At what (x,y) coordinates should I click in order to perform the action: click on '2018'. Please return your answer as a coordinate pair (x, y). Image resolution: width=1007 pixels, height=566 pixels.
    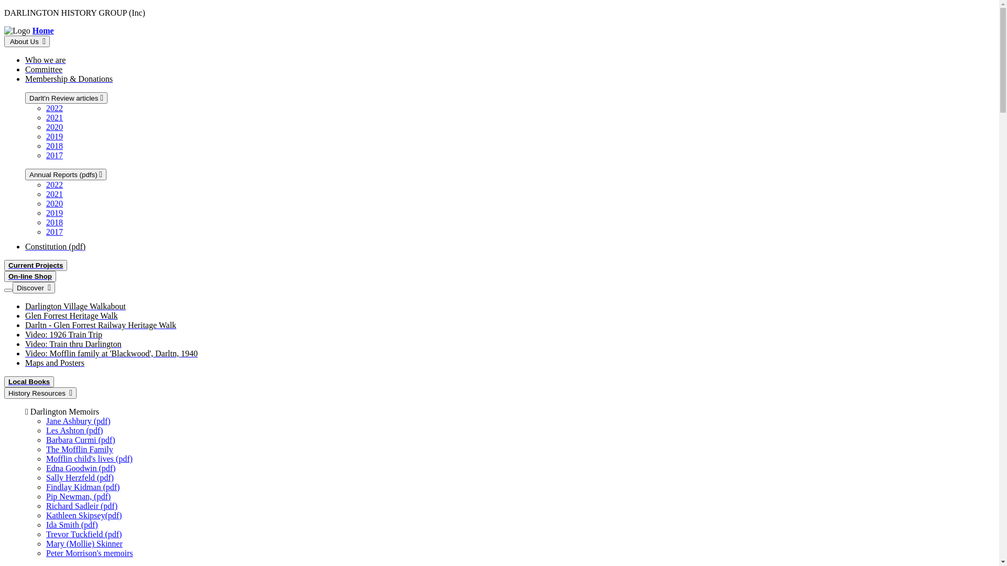
    Looking at the image, I should click on (54, 222).